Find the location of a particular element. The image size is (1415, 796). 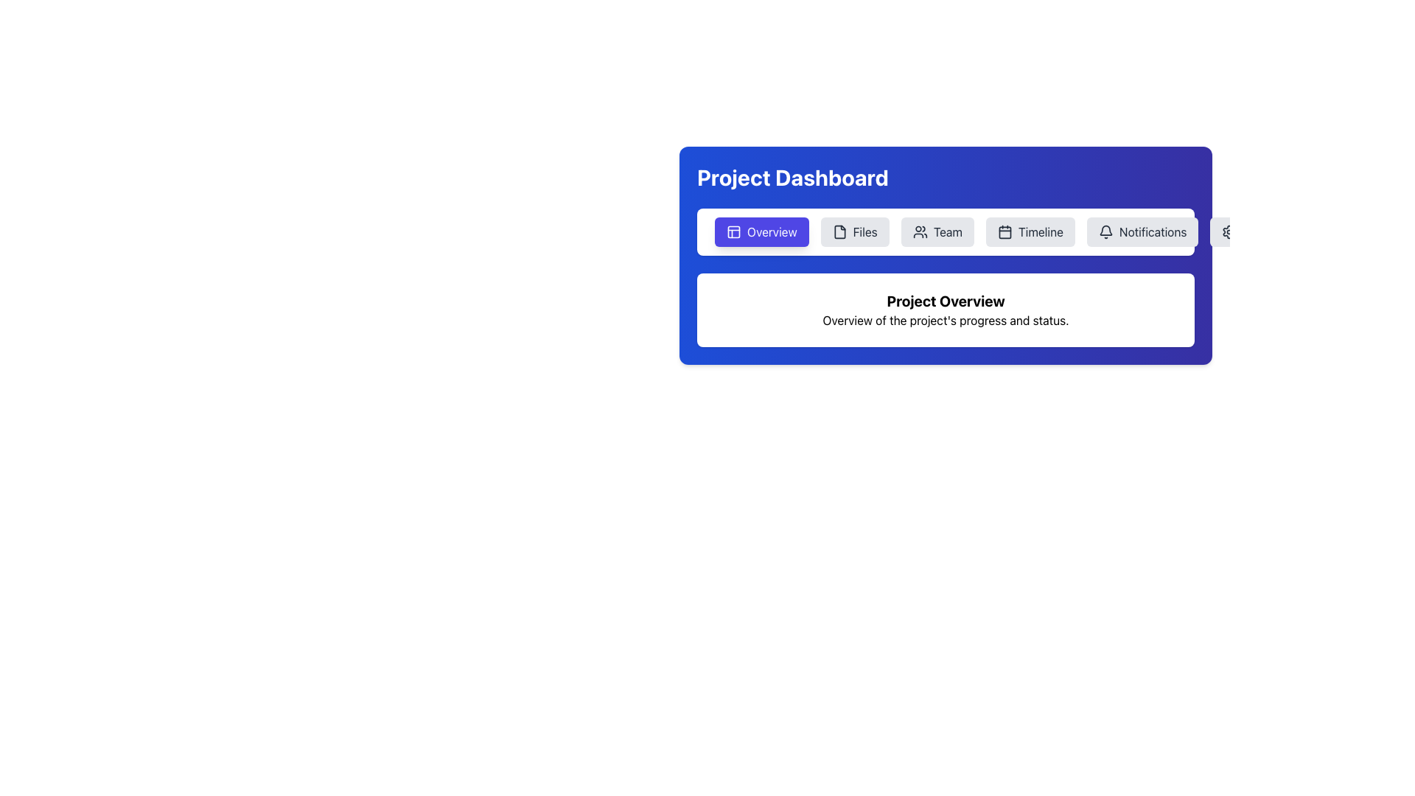

the bell-shaped icon in the notifications button located in the top-right corner of the UI is located at coordinates (1105, 230).